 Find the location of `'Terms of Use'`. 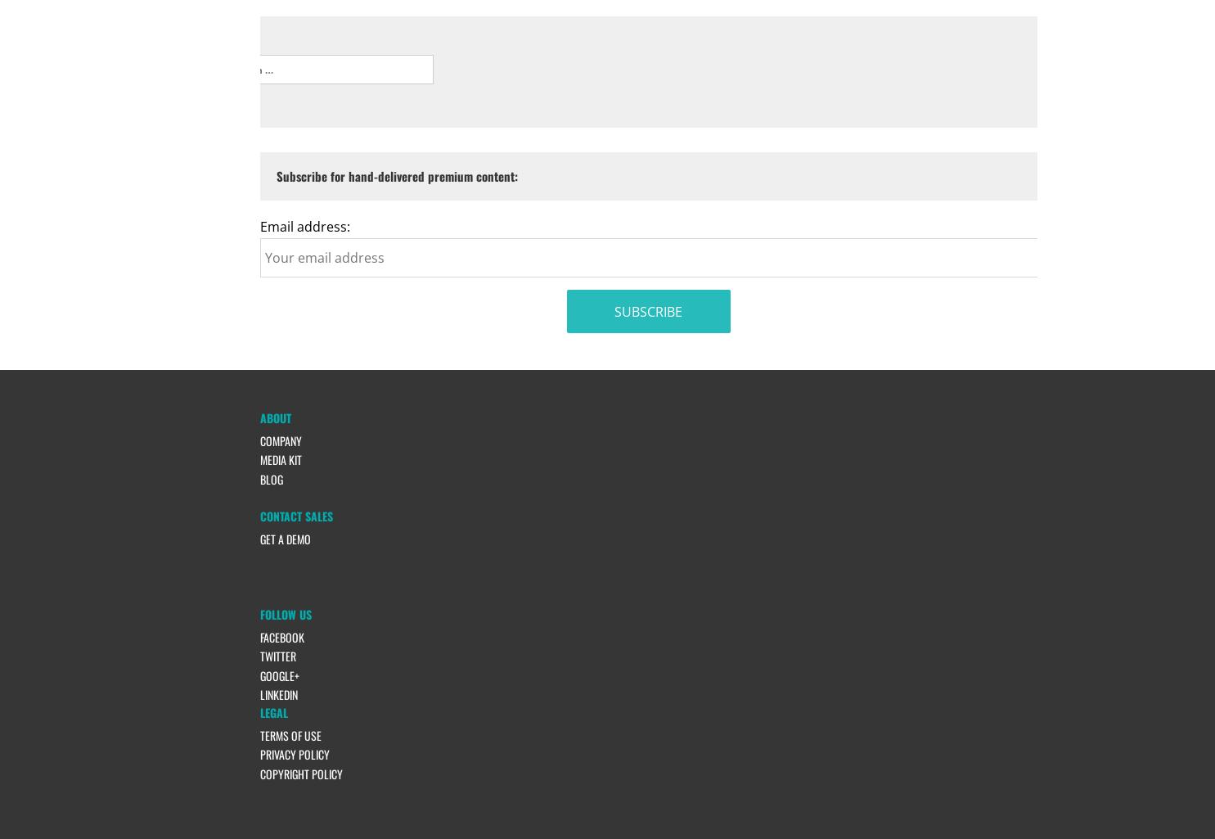

'Terms of Use' is located at coordinates (289, 734).